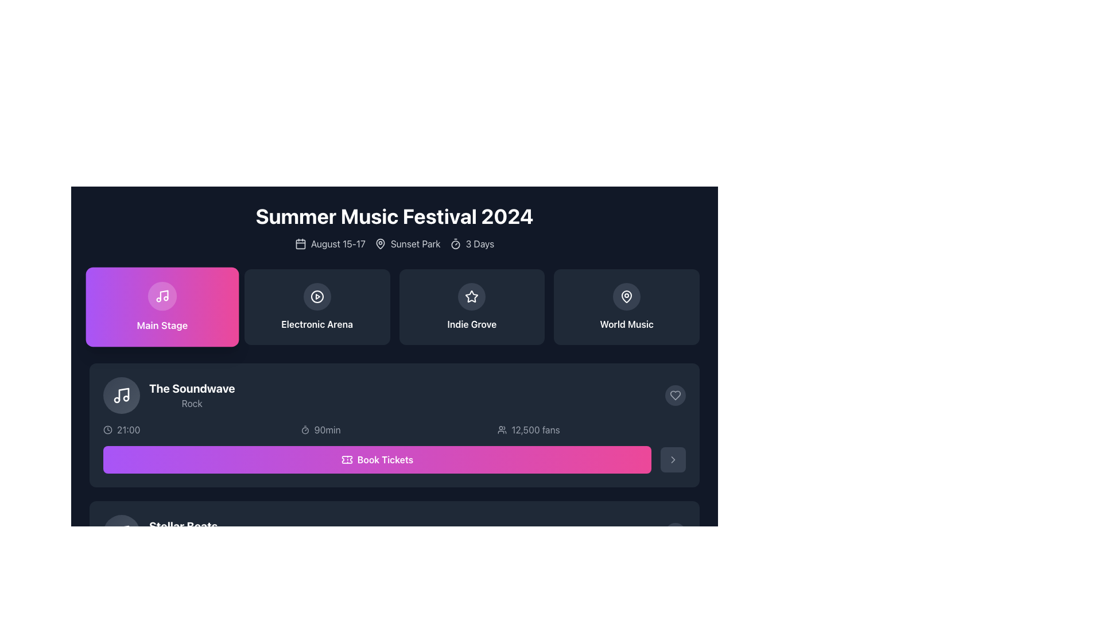  Describe the element at coordinates (317, 296) in the screenshot. I see `the play button in the 'Electronic Arena' section` at that location.